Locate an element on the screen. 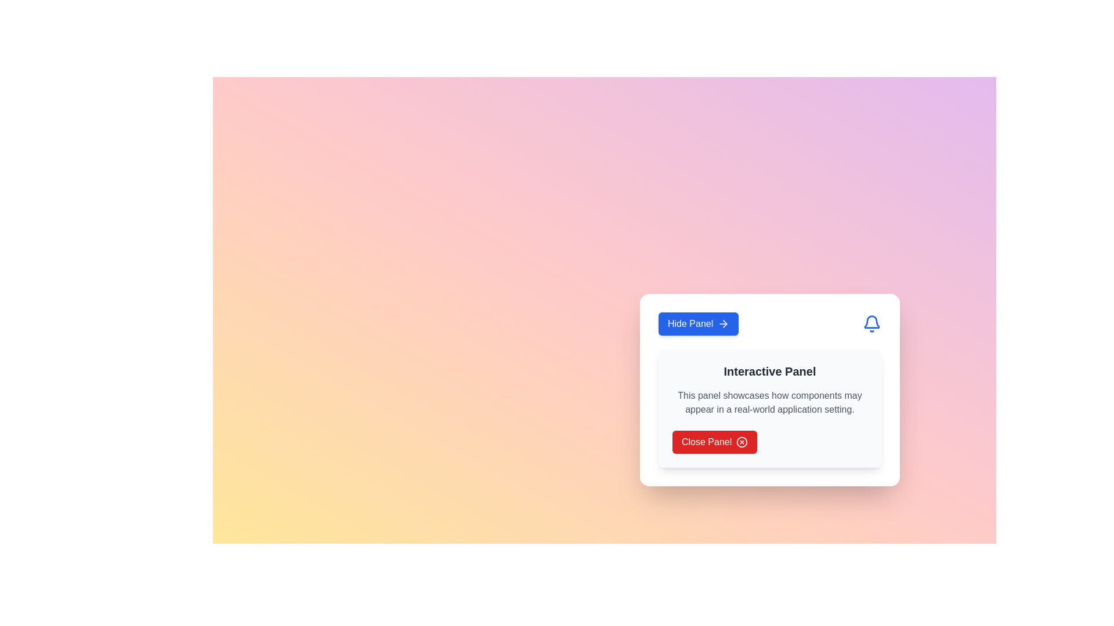 Image resolution: width=1114 pixels, height=626 pixels. the 'Hide Panel' button associated with the arrow icon located at the top-left corner of the interactive panel is located at coordinates (723, 324).